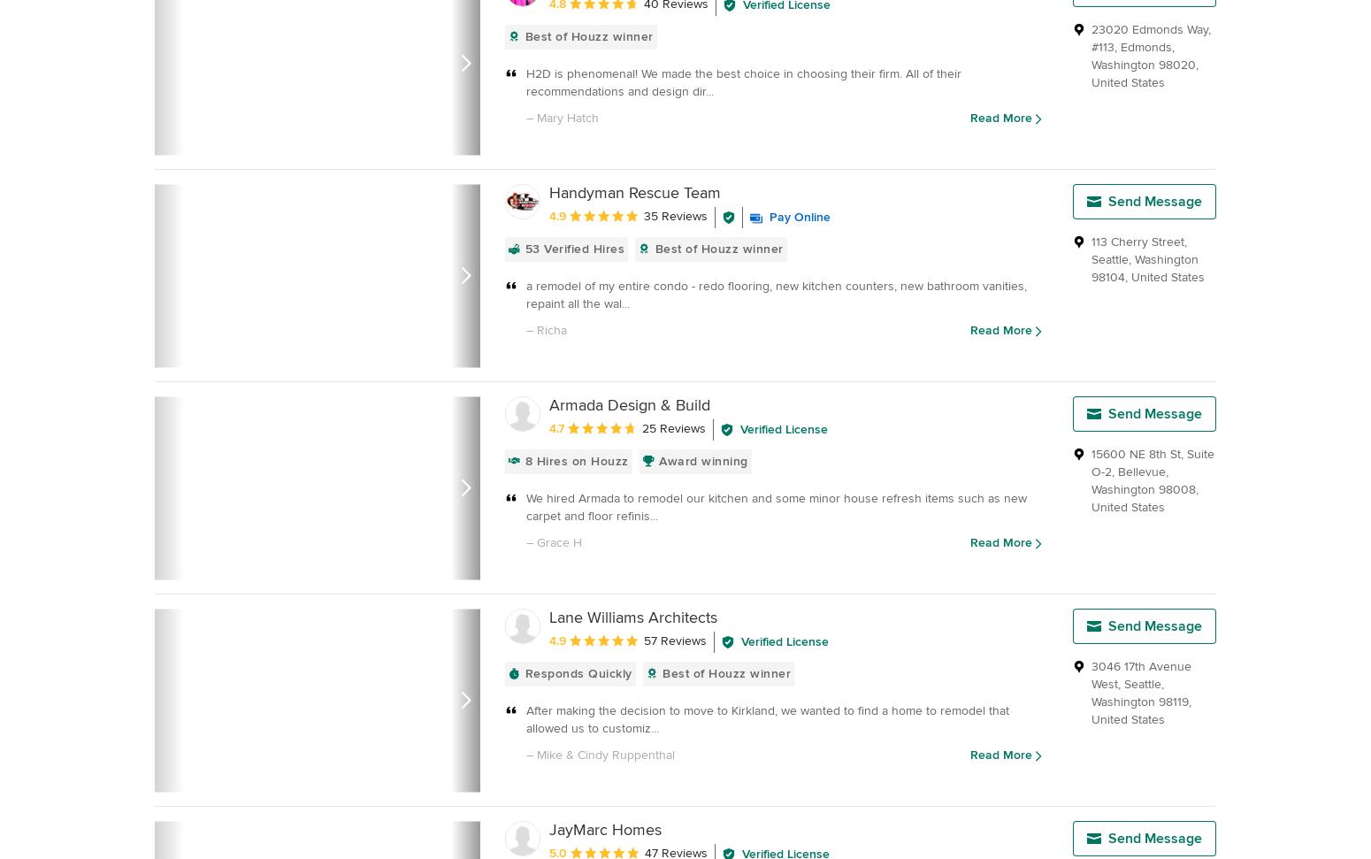  What do you see at coordinates (1176, 489) in the screenshot?
I see `'98008'` at bounding box center [1176, 489].